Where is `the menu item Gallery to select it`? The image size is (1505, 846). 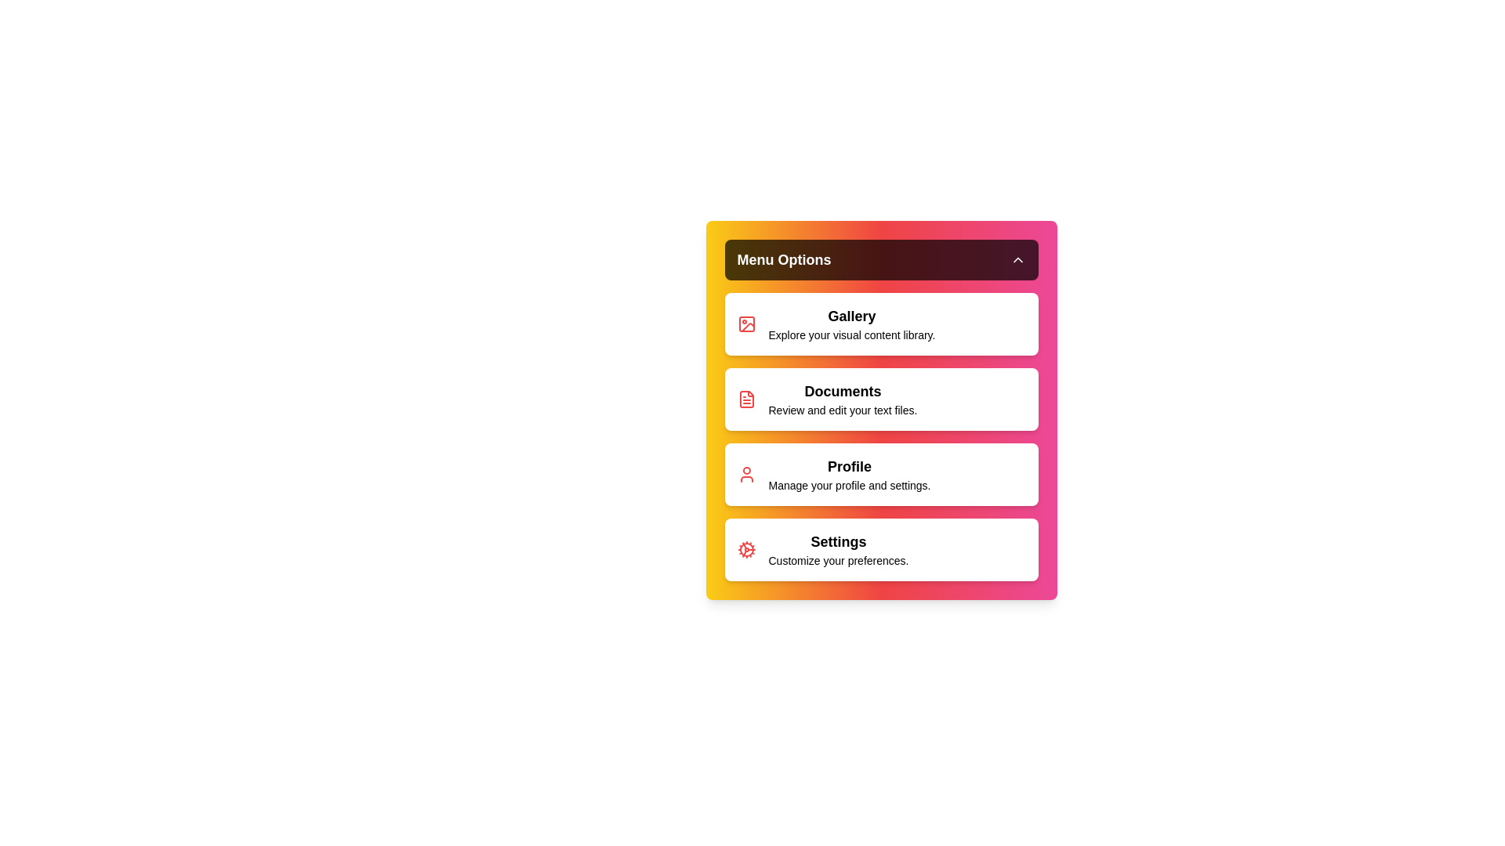 the menu item Gallery to select it is located at coordinates (881, 323).